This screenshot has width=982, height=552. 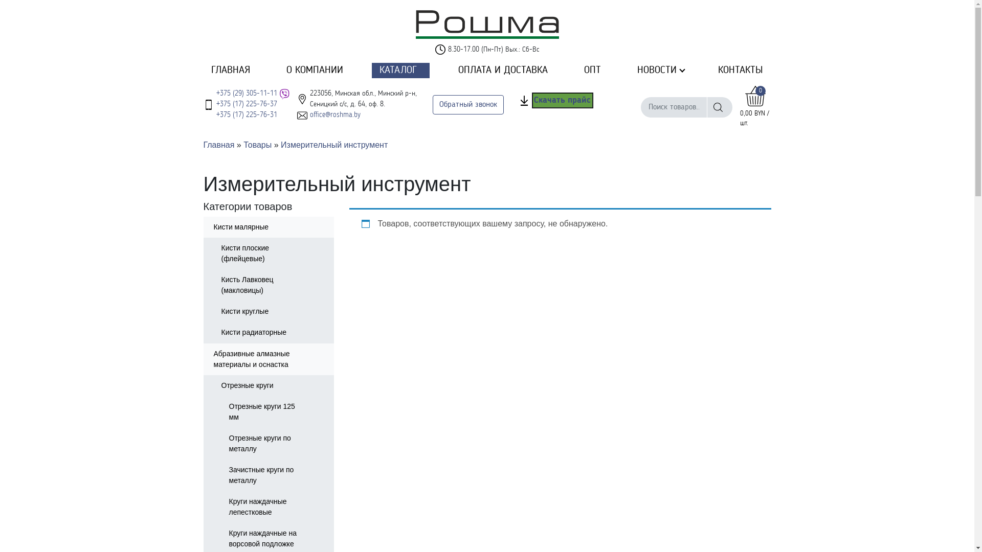 What do you see at coordinates (335, 114) in the screenshot?
I see `'office@roshma.by'` at bounding box center [335, 114].